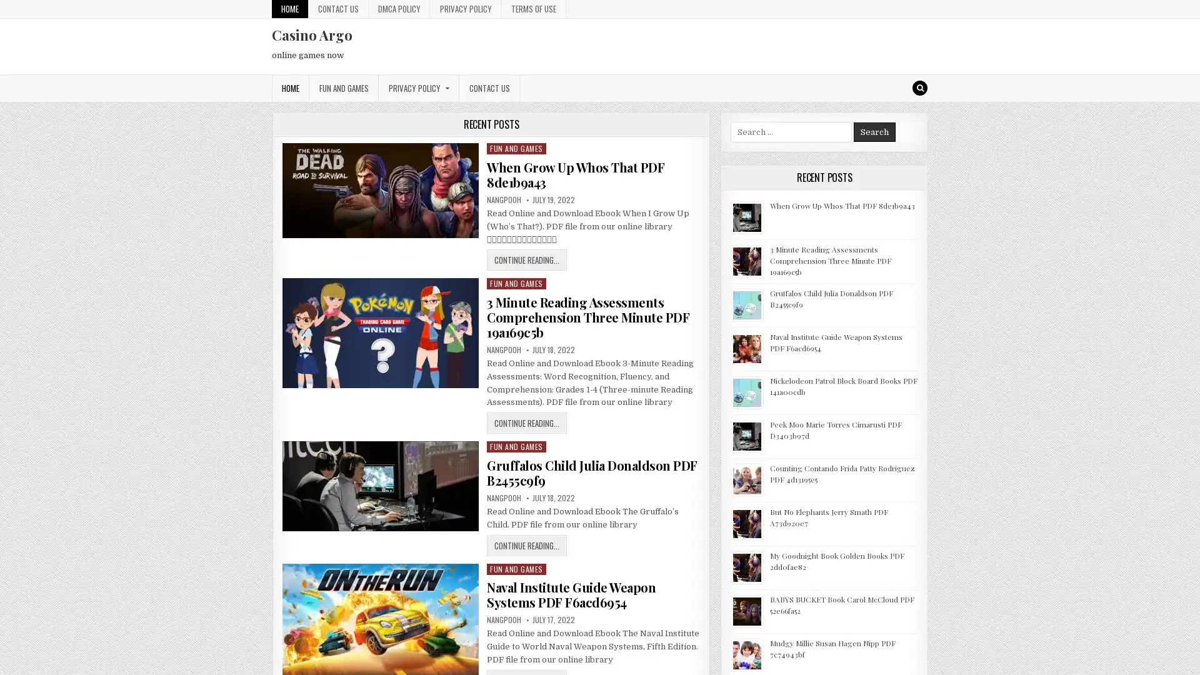 Image resolution: width=1200 pixels, height=675 pixels. Describe the element at coordinates (874, 132) in the screenshot. I see `Search` at that location.